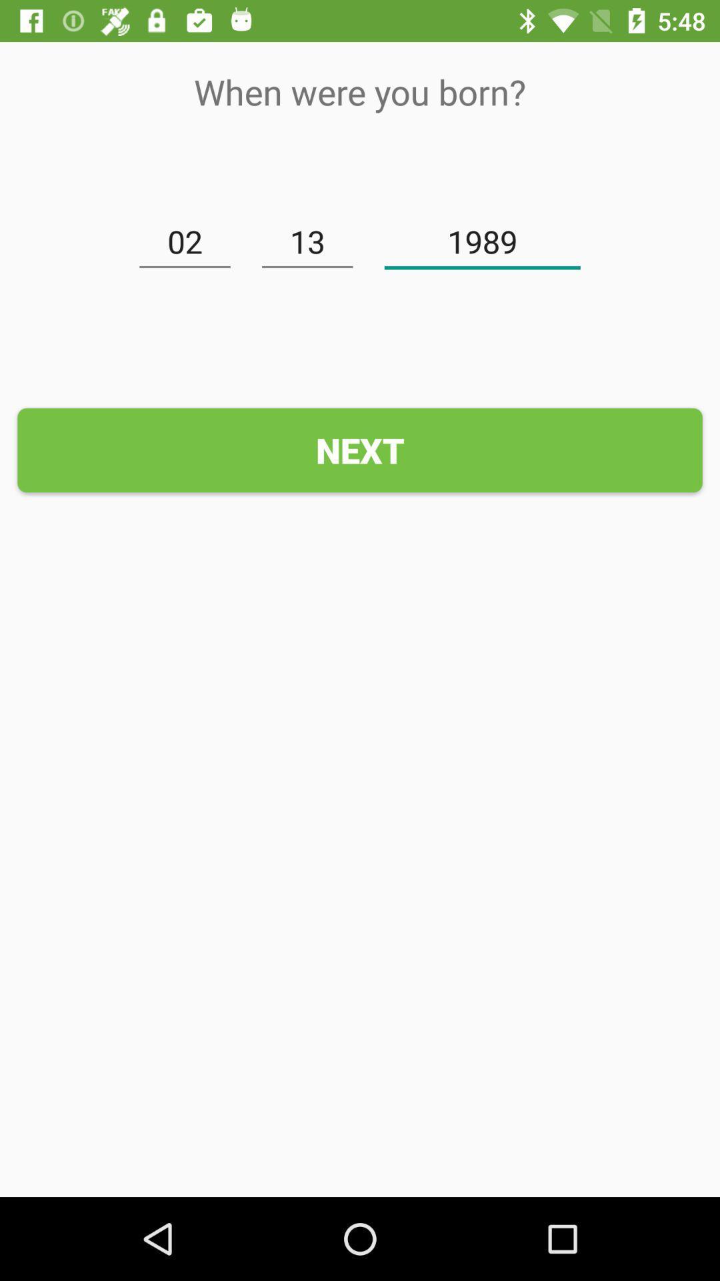 This screenshot has width=720, height=1281. Describe the element at coordinates (185, 242) in the screenshot. I see `02 item` at that location.